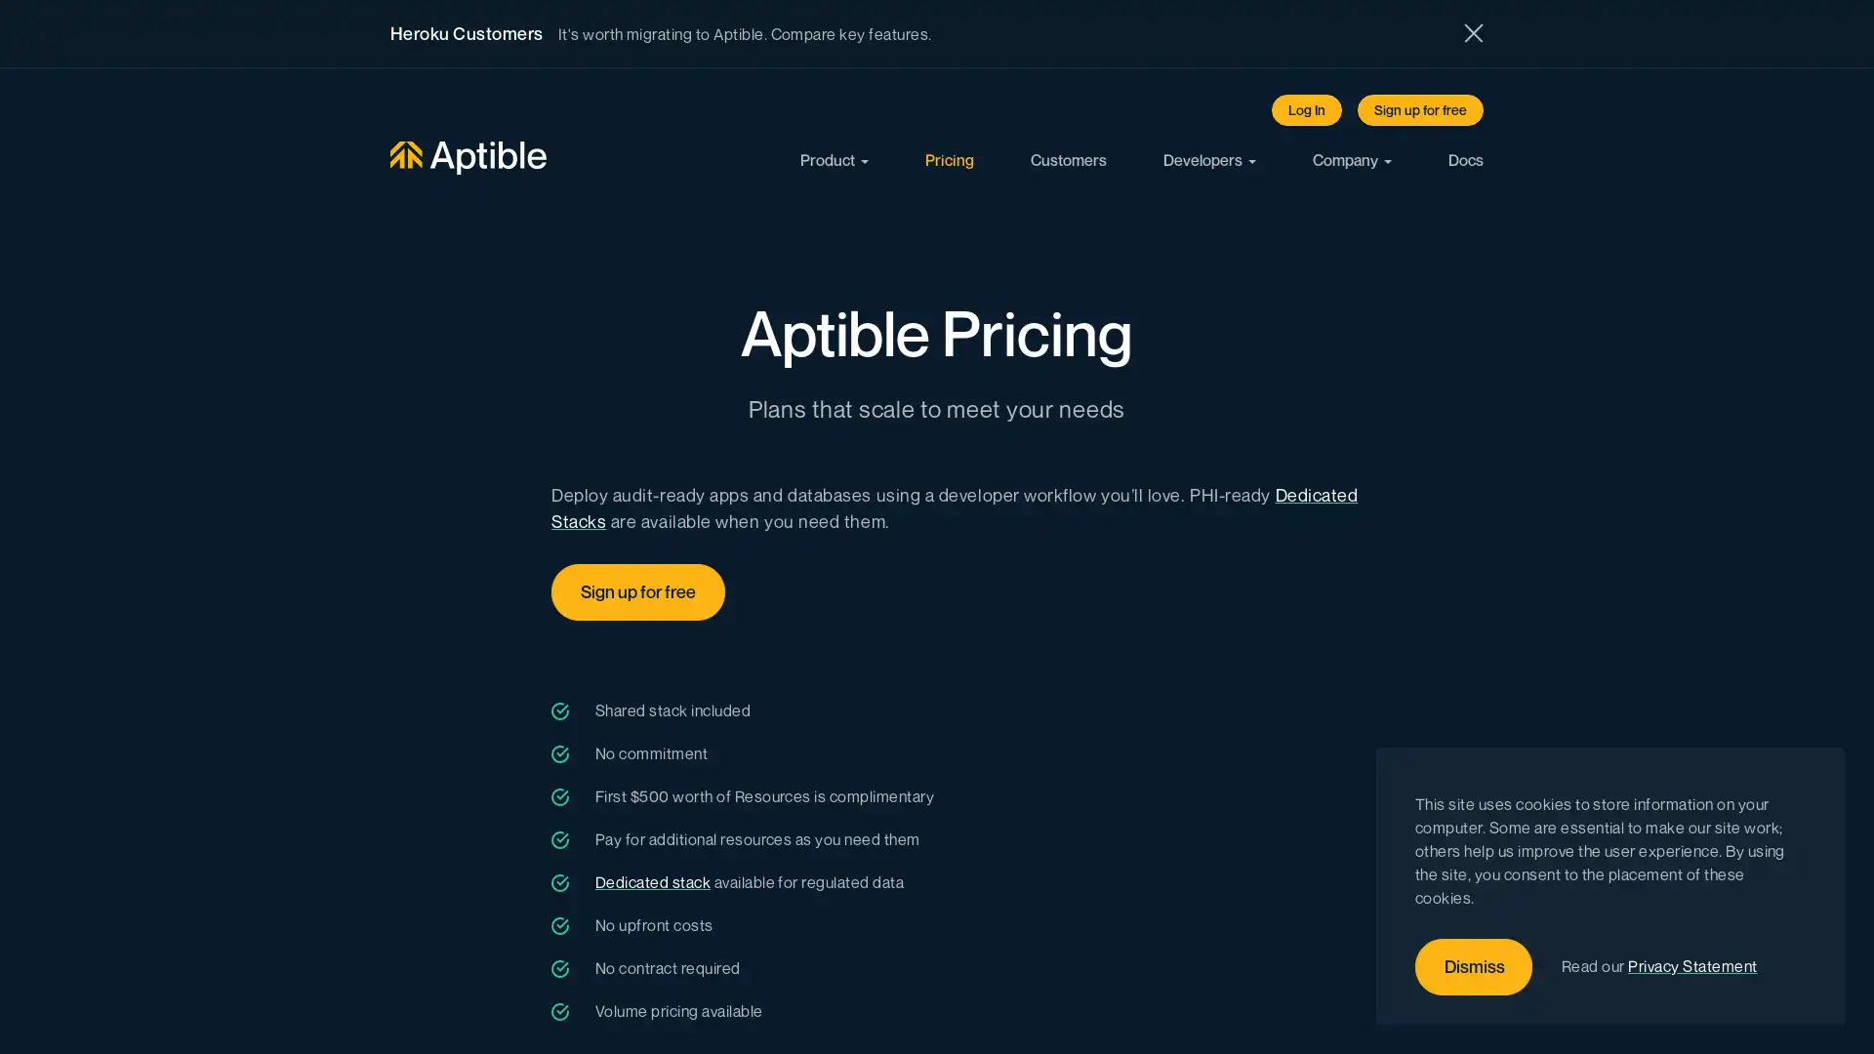 The height and width of the screenshot is (1054, 1874). Describe the element at coordinates (1474, 967) in the screenshot. I see `Dismiss` at that location.